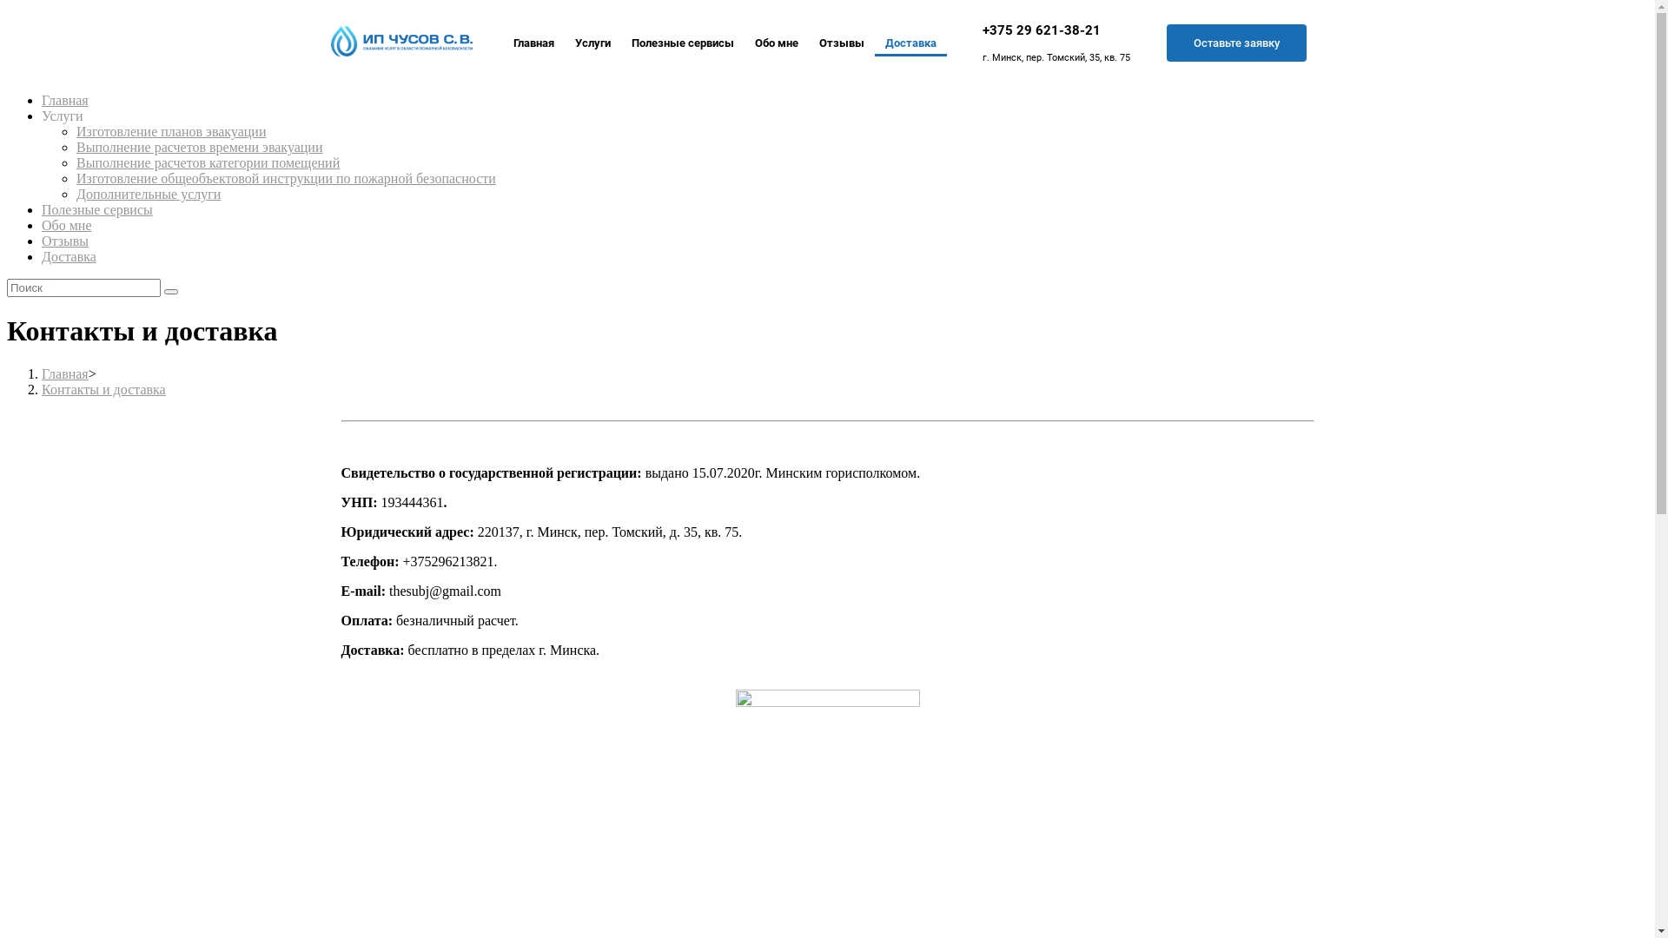  What do you see at coordinates (983, 30) in the screenshot?
I see `'+375 29 621-38-21'` at bounding box center [983, 30].